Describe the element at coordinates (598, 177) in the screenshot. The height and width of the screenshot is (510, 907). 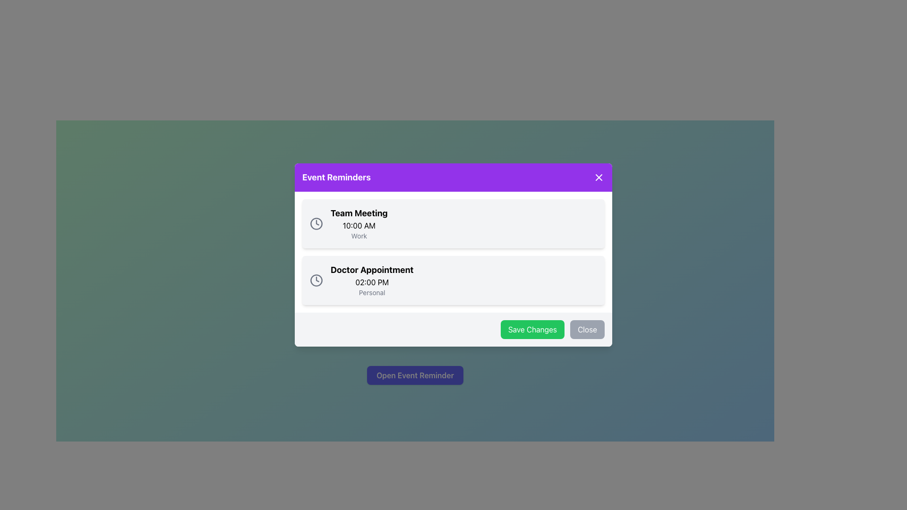
I see `the close button located in the top-right corner of the 'Event Reminders' purple bar` at that location.